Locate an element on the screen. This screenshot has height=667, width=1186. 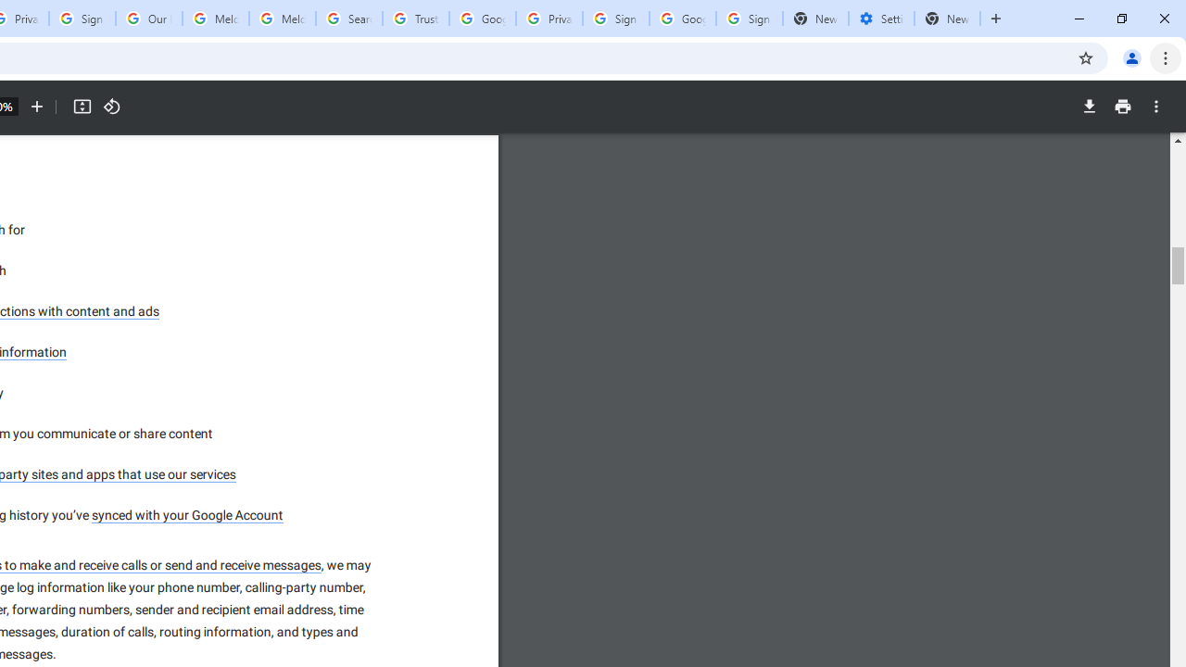
'You' is located at coordinates (1130, 57).